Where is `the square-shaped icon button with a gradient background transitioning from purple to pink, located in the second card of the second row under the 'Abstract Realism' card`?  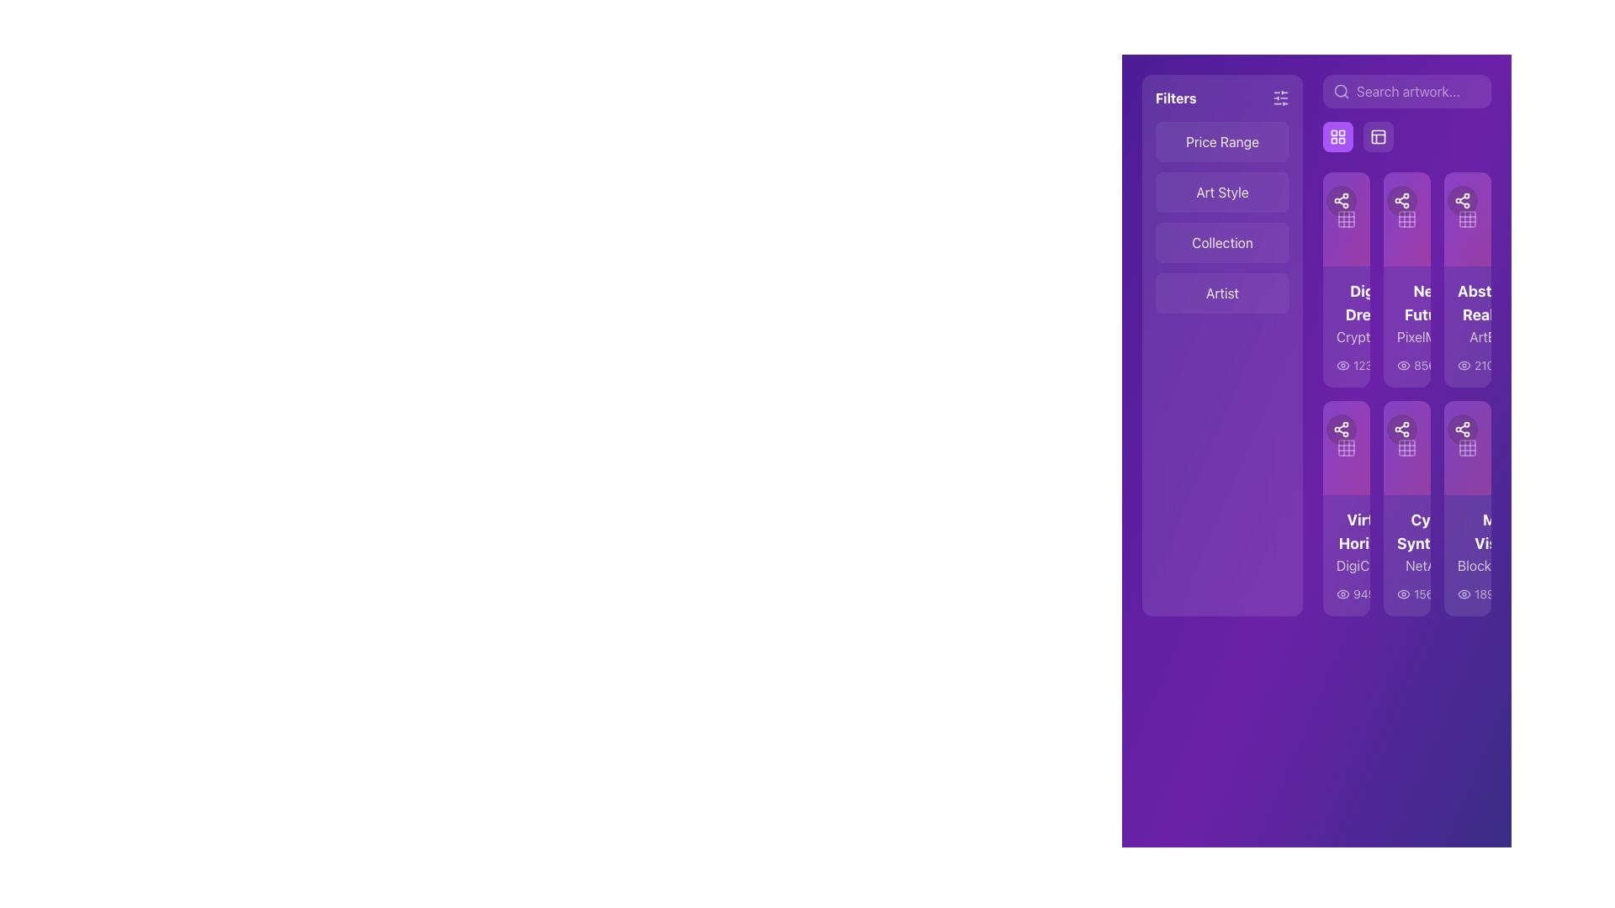 the square-shaped icon button with a gradient background transitioning from purple to pink, located in the second card of the second row under the 'Abstract Realism' card is located at coordinates (1407, 446).